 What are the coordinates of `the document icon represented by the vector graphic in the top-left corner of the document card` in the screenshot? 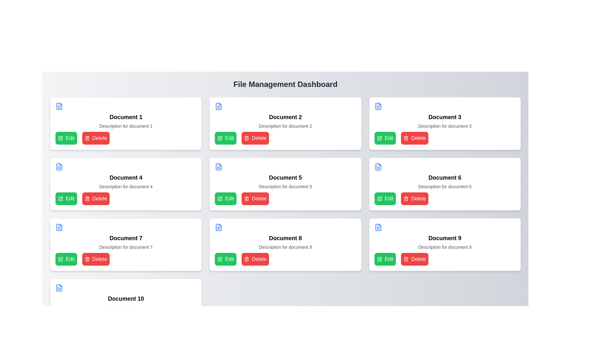 It's located at (378, 167).